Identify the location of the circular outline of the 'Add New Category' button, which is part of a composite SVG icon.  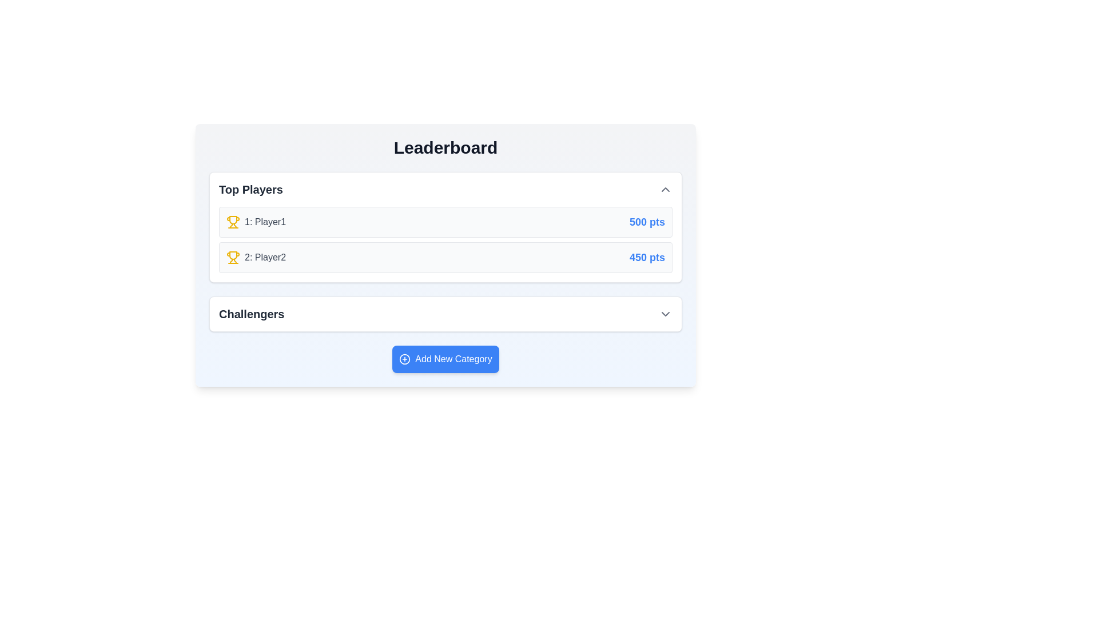
(405, 358).